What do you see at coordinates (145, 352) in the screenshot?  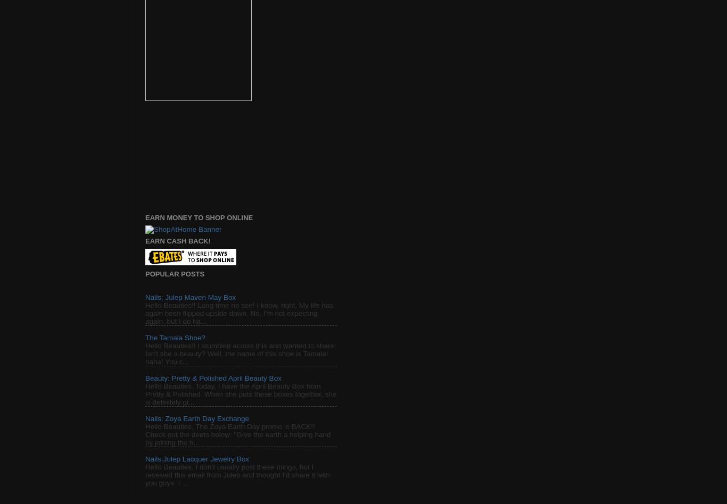 I see `'Hello Beauties!!  I stumbled across this and wanted to share:     Isn't she a beauty? Well, the name of this shoe is Tamala! haha! You c...'` at bounding box center [145, 352].